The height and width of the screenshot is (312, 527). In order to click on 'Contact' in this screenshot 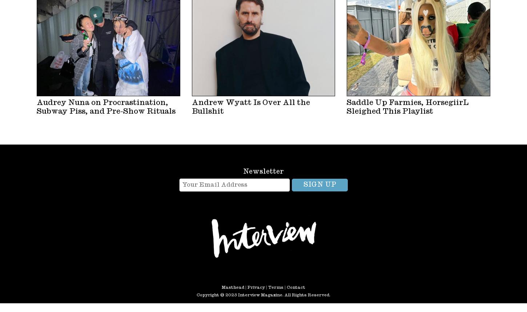, I will do `click(296, 287)`.